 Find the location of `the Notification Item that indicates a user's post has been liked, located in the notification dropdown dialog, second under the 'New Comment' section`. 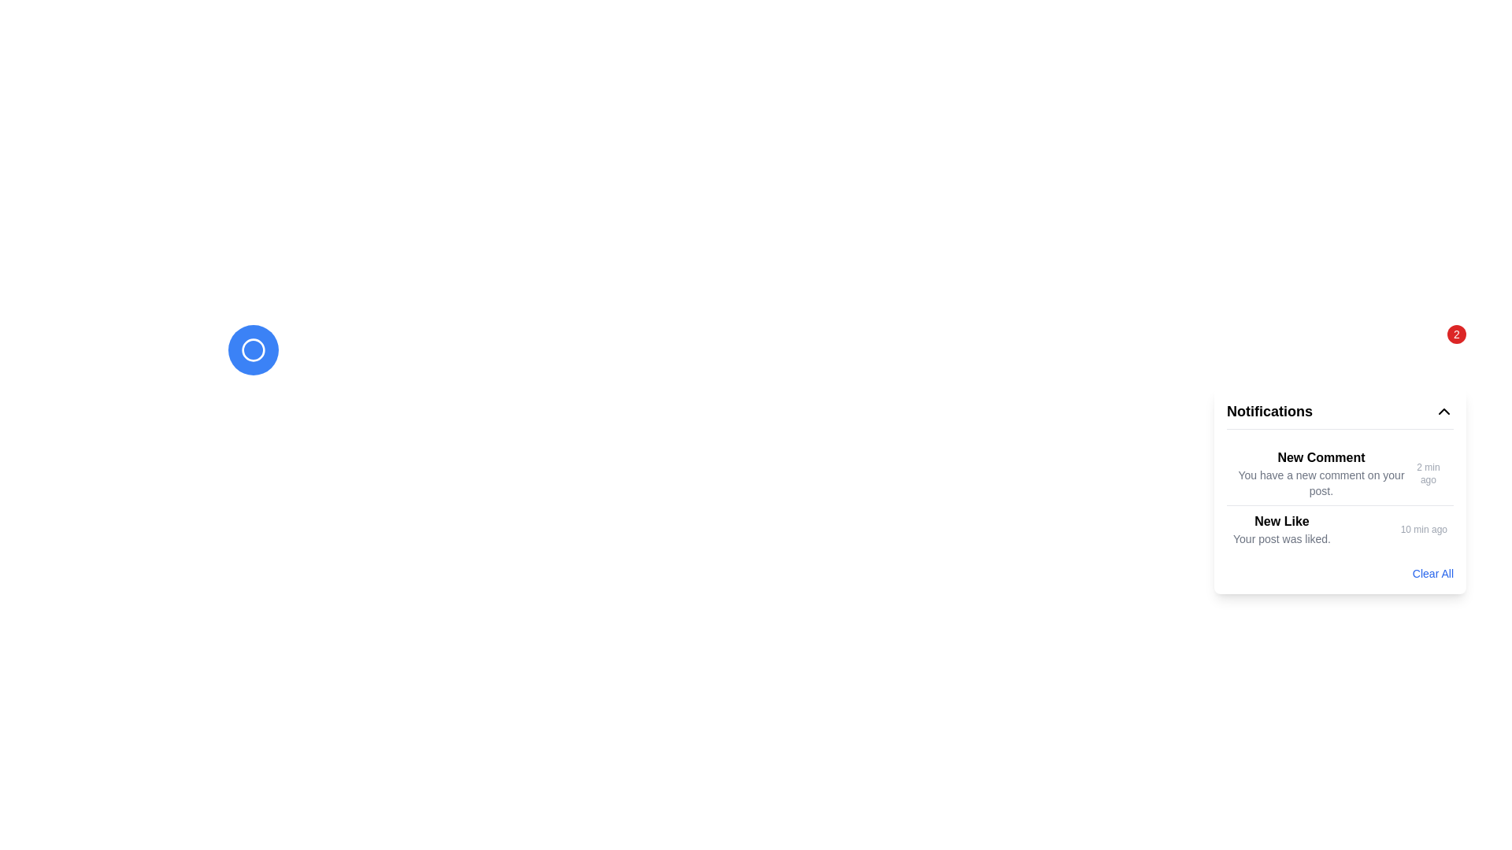

the Notification Item that indicates a user's post has been liked, located in the notification dropdown dialog, second under the 'New Comment' section is located at coordinates (1281, 529).